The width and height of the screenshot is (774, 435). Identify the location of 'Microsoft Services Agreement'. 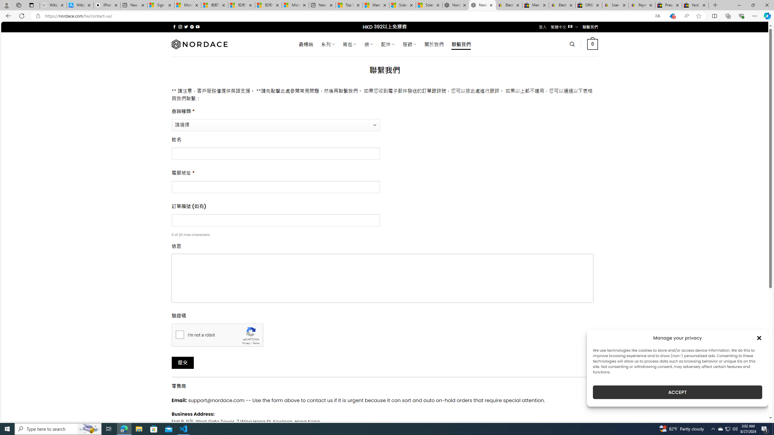
(187, 5).